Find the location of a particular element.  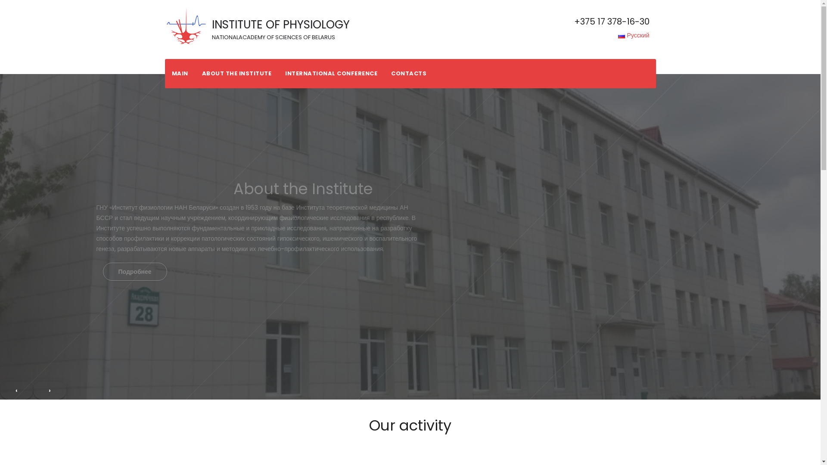

'MAIN' is located at coordinates (179, 73).